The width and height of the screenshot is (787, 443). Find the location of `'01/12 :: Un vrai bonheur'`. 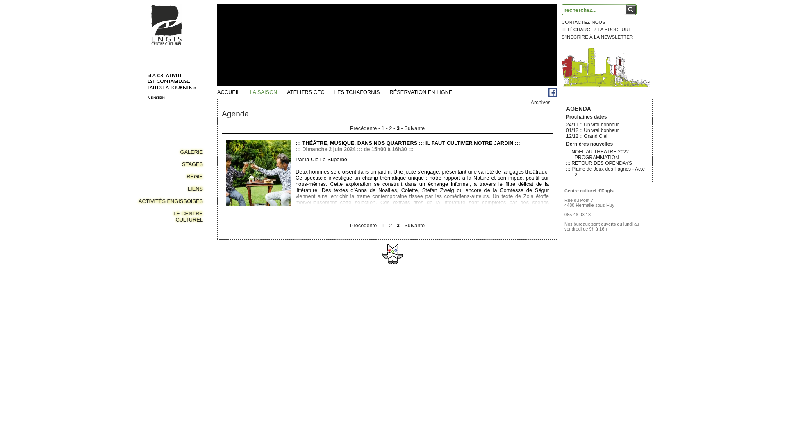

'01/12 :: Un vrai bonheur' is located at coordinates (592, 130).